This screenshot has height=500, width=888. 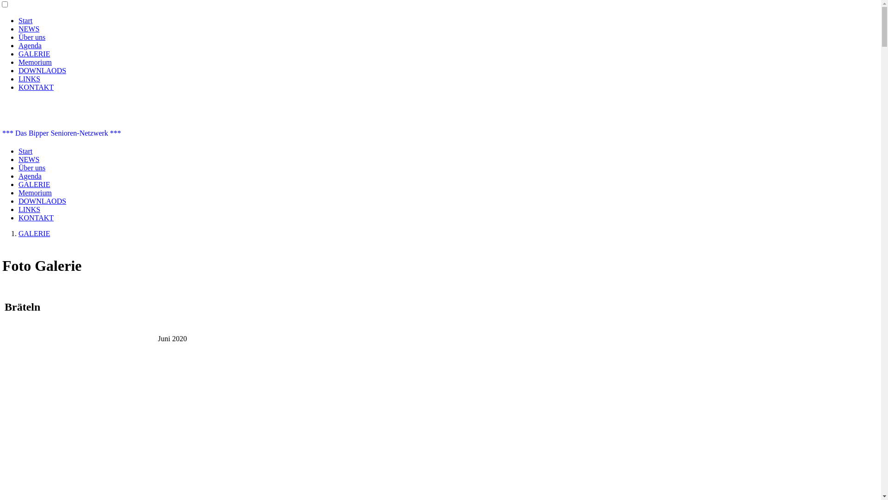 What do you see at coordinates (29, 209) in the screenshot?
I see `'LINKS'` at bounding box center [29, 209].